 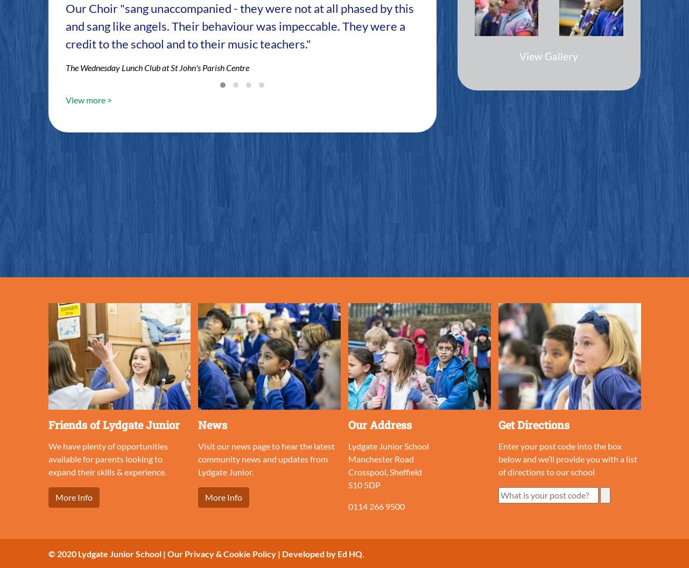 What do you see at coordinates (238, 25) in the screenshot?
I see `'Our Choir "sang unaccompanied - they were not at all phased by this and sang like angels.  Their behaviour was impeccable. They were a credit to the school and to their music teachers."'` at bounding box center [238, 25].